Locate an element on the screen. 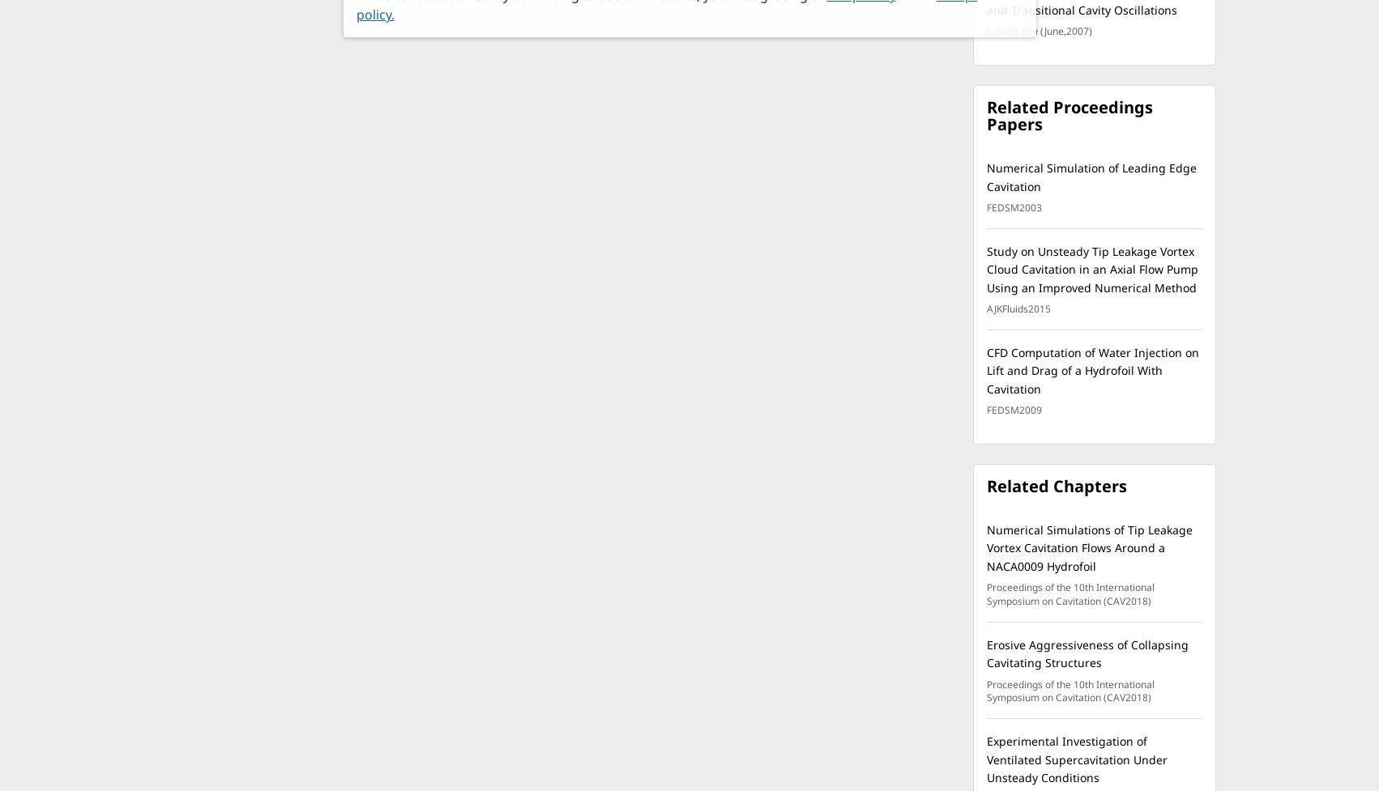  'Experimental Investigation of Ventilated Supercavitation Under Unsteady Conditions' is located at coordinates (986, 758).